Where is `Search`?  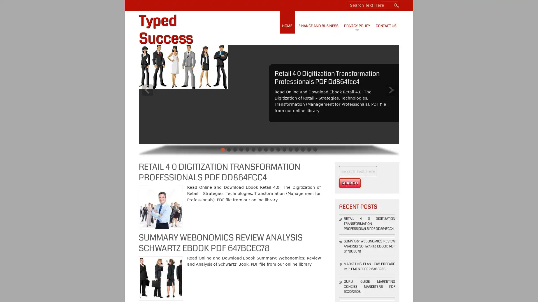
Search is located at coordinates (349, 183).